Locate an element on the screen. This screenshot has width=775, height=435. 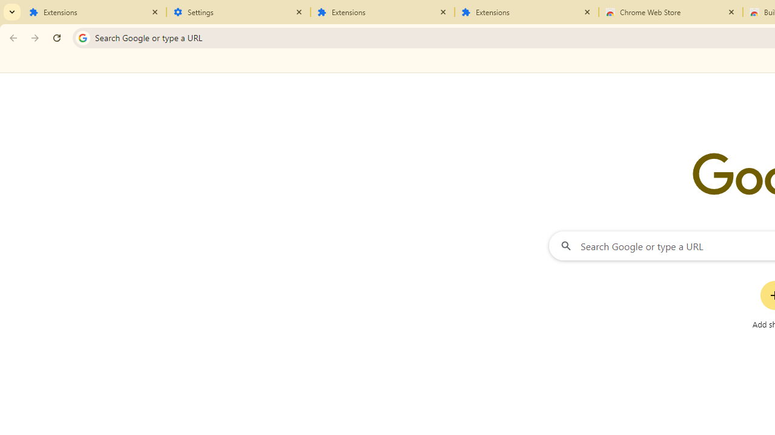
'Close' is located at coordinates (731, 11).